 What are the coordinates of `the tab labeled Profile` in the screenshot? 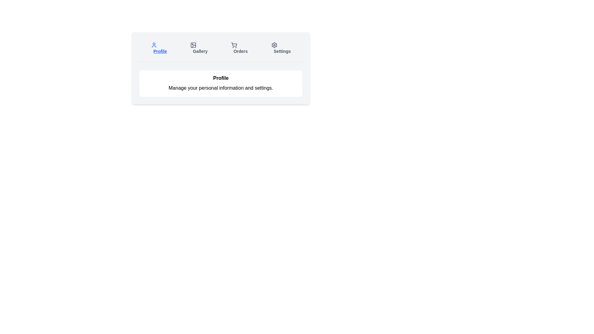 It's located at (159, 48).